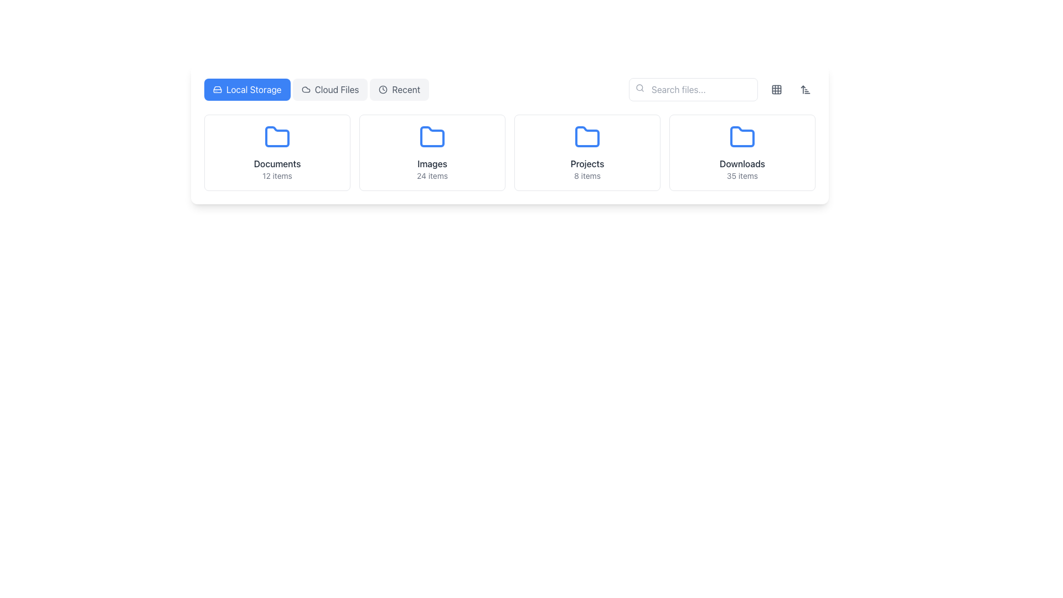  Describe the element at coordinates (316, 89) in the screenshot. I see `the 'Cloud Files' tab navigation button, which is represented by a tab with a light gray background and dark gray text, located in the middle of the tab set` at that location.